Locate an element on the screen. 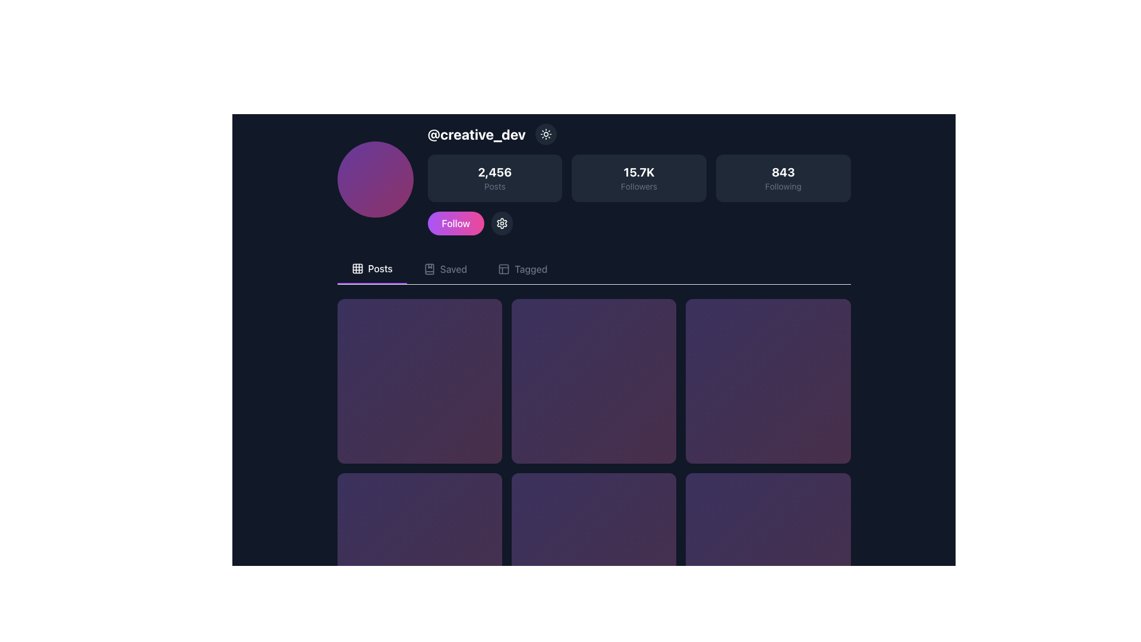  the SVG icon with a grid-like design that represents a panel layout, positioned to the left of the 'tagged' label in the navigational section is located at coordinates (504, 269).